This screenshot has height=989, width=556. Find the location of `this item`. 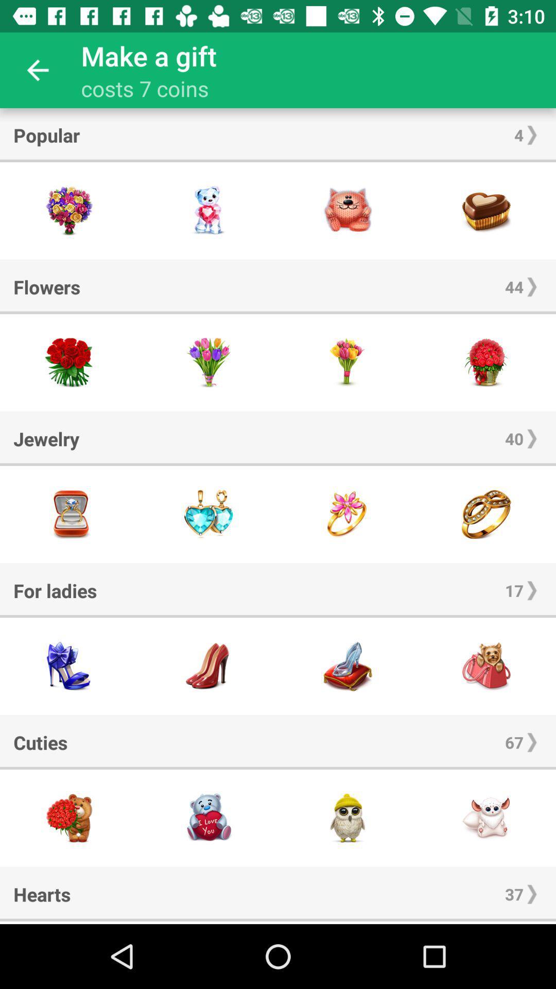

this item is located at coordinates (208, 210).